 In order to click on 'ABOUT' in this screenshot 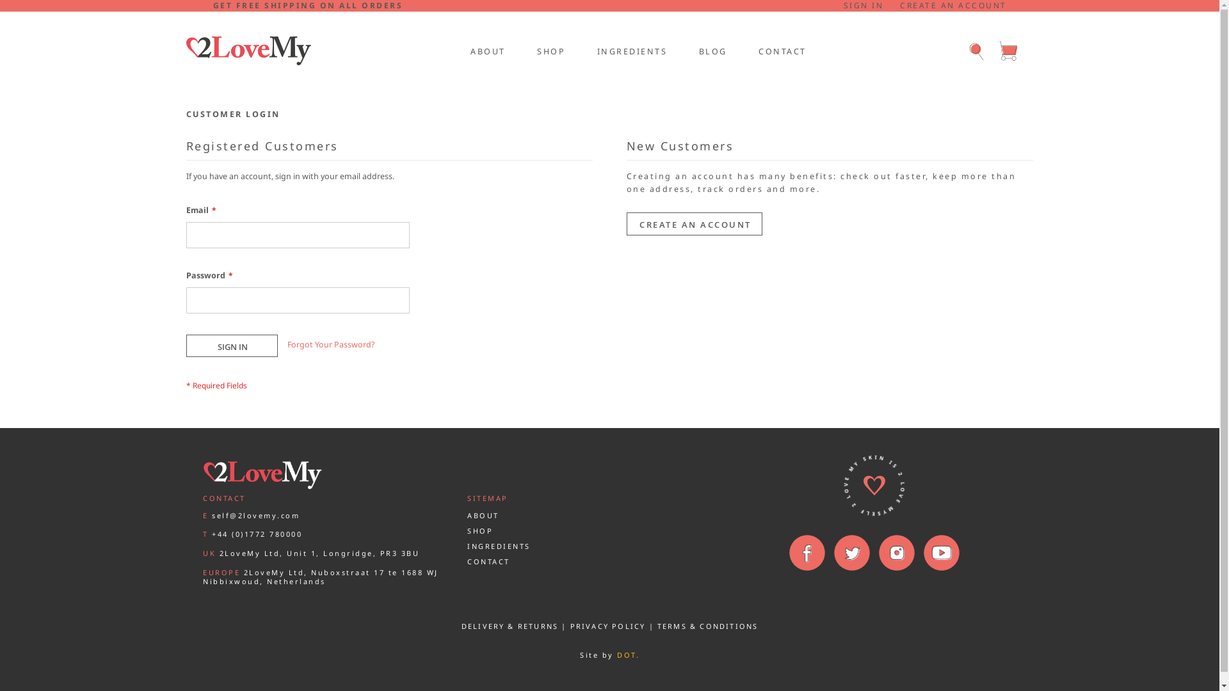, I will do `click(482, 514)`.